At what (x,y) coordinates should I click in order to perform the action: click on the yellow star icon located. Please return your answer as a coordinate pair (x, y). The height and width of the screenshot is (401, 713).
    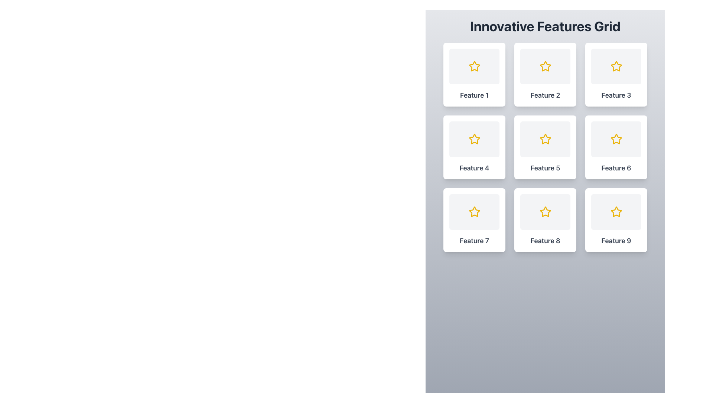
    Looking at the image, I should click on (545, 212).